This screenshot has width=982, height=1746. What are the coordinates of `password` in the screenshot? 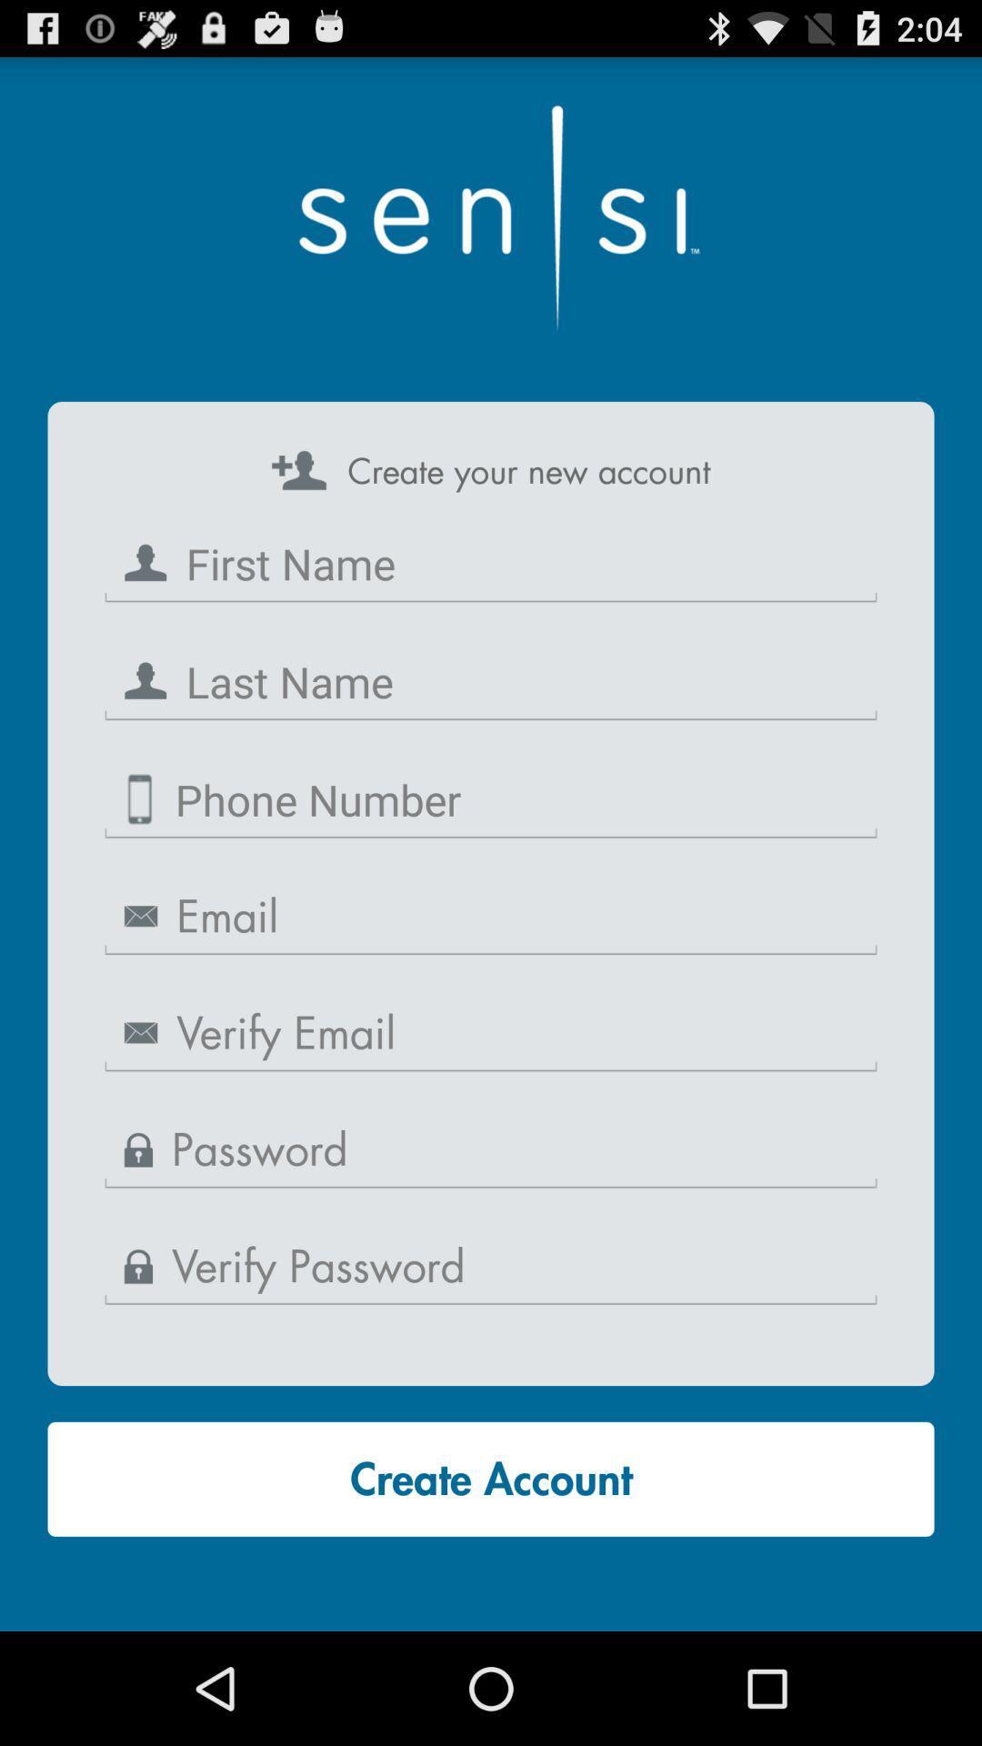 It's located at (491, 1267).